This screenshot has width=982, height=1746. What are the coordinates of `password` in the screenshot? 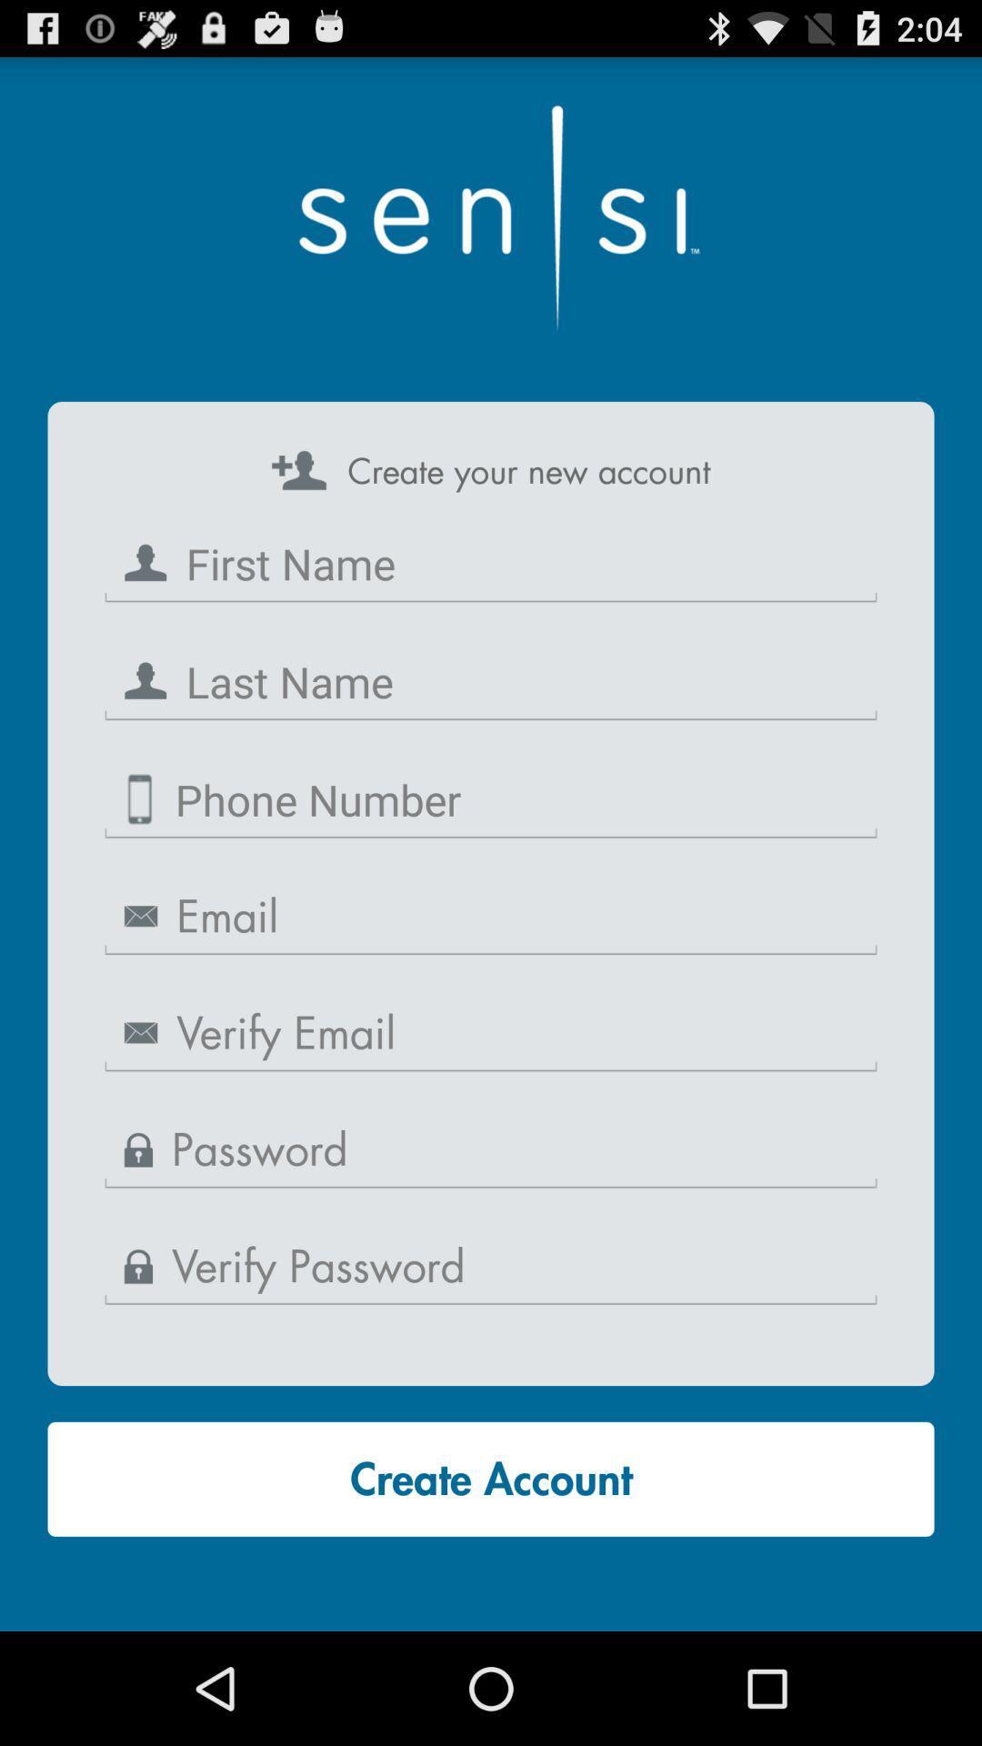 It's located at (491, 1267).